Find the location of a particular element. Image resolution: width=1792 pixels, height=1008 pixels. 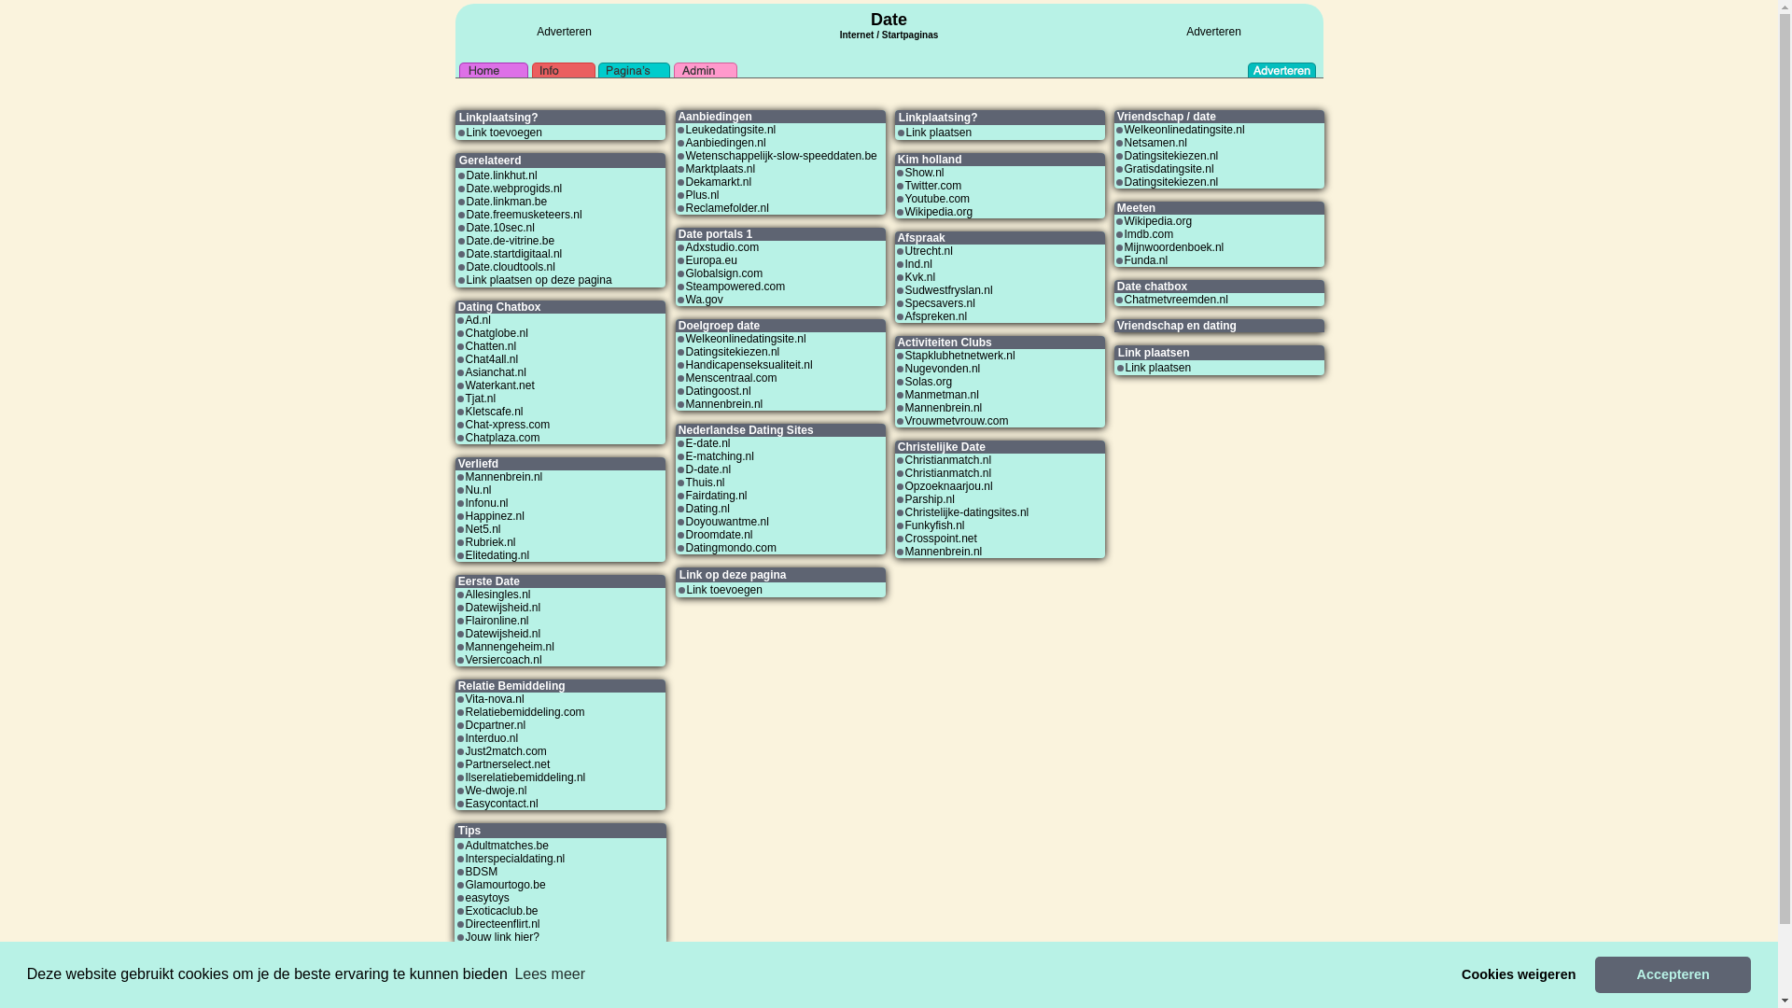

'Startpaginas' is located at coordinates (910, 35).